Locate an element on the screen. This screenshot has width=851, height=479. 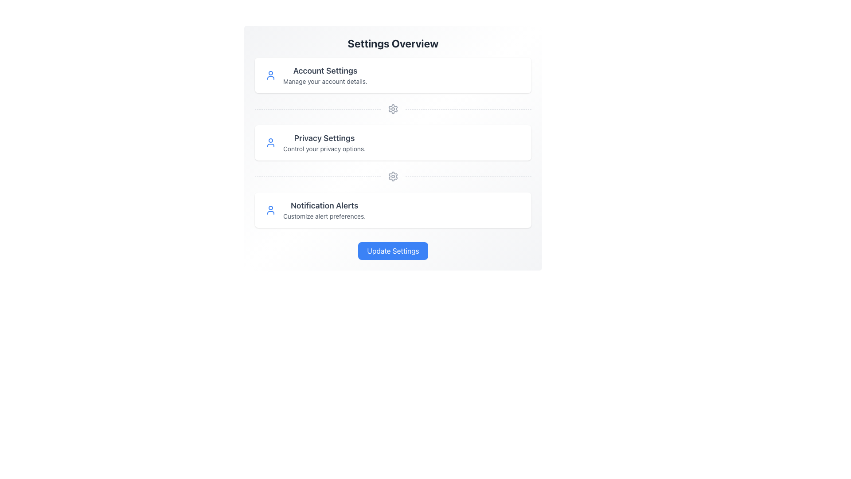
the 'Account Settings' text block, which displays the title and description for the section, positioned above 'Privacy Settings' is located at coordinates (325, 75).